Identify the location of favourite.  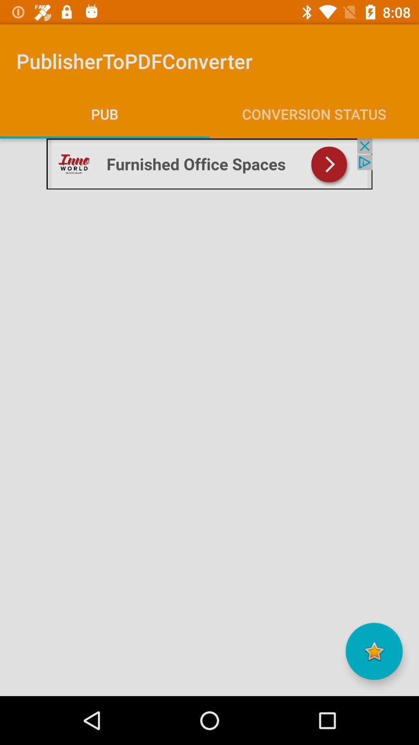
(374, 651).